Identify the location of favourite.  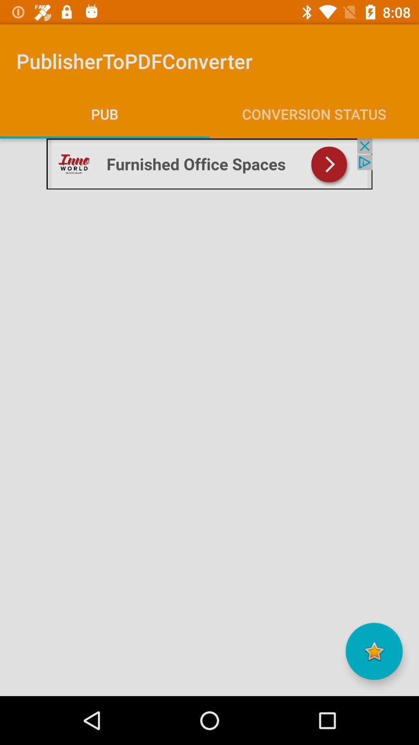
(374, 651).